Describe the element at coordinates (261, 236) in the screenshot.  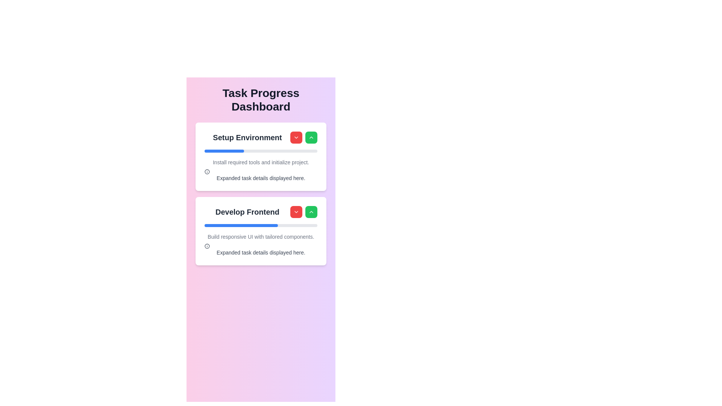
I see `the descriptive text element that provides a brief statement about the associated task or feature, positioned below the title 'Develop Frontend'` at that location.